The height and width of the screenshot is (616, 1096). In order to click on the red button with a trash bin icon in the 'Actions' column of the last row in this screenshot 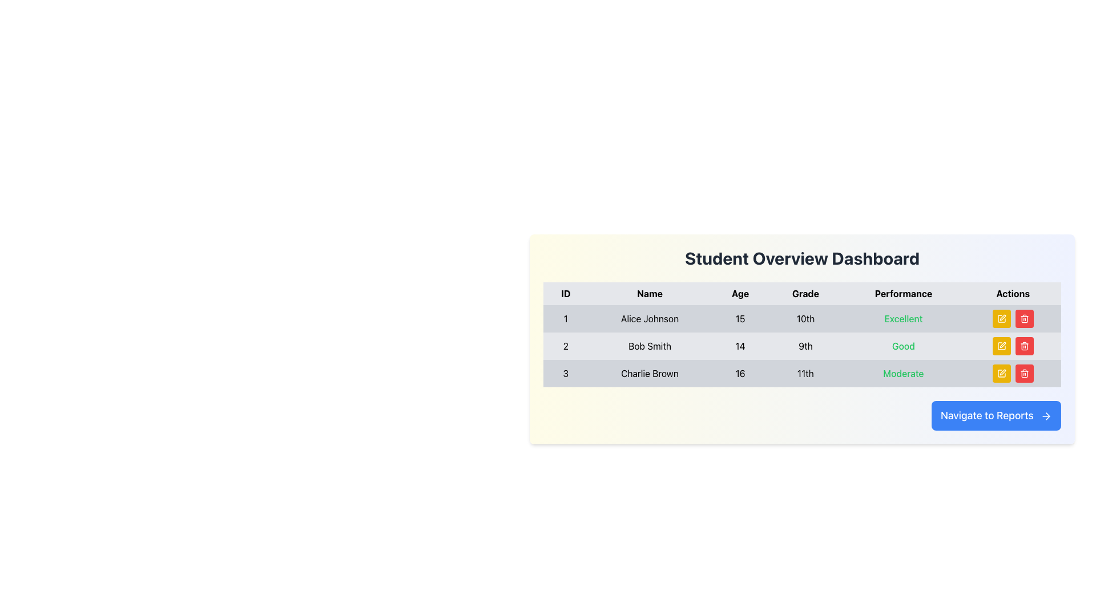, I will do `click(1024, 374)`.